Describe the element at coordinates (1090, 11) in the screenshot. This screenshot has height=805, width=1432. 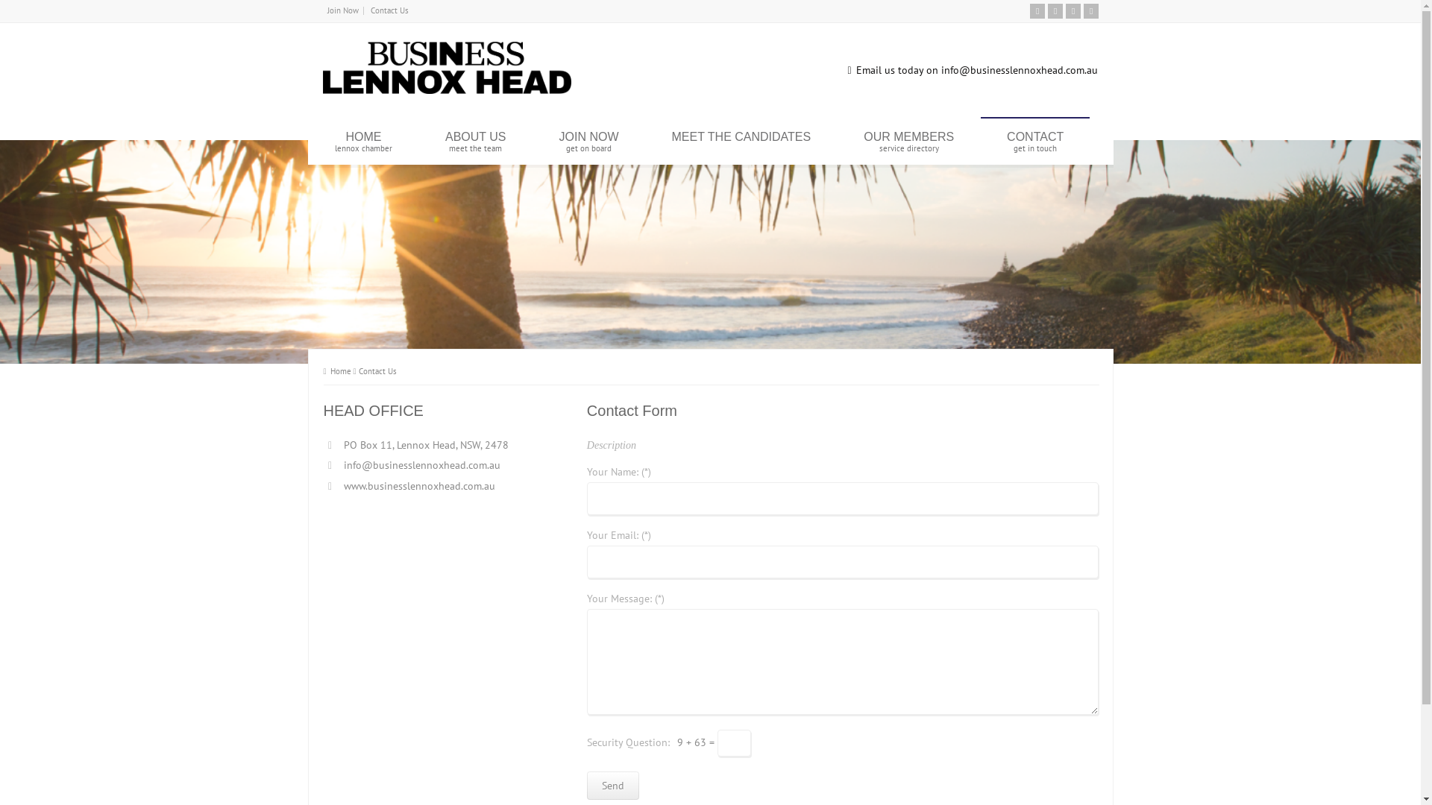
I see `'Instagram'` at that location.